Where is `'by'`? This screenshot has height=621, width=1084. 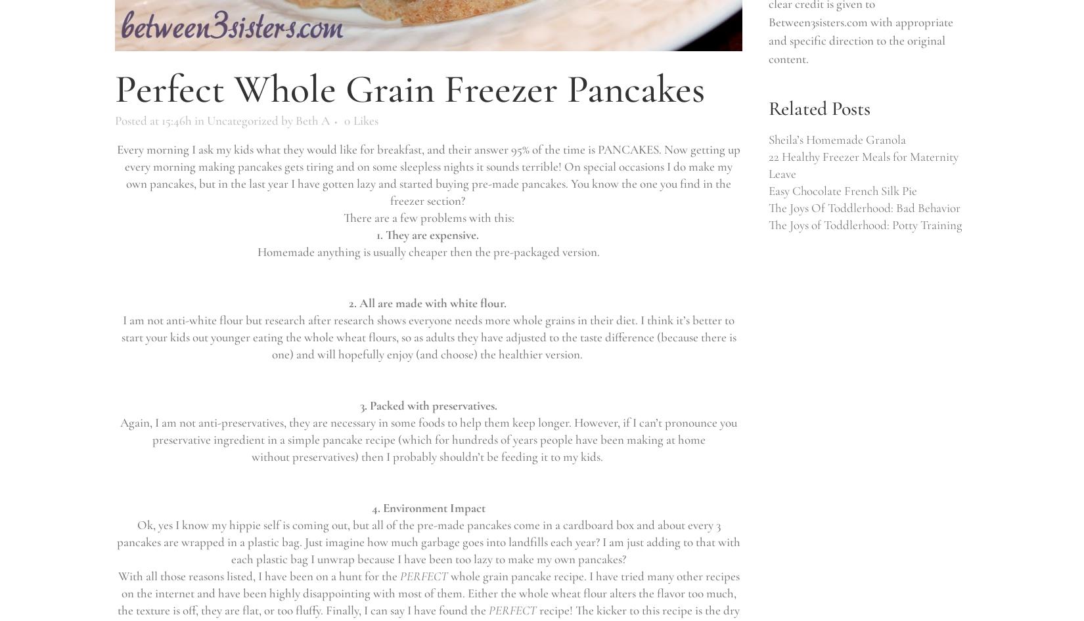
'by' is located at coordinates (281, 120).